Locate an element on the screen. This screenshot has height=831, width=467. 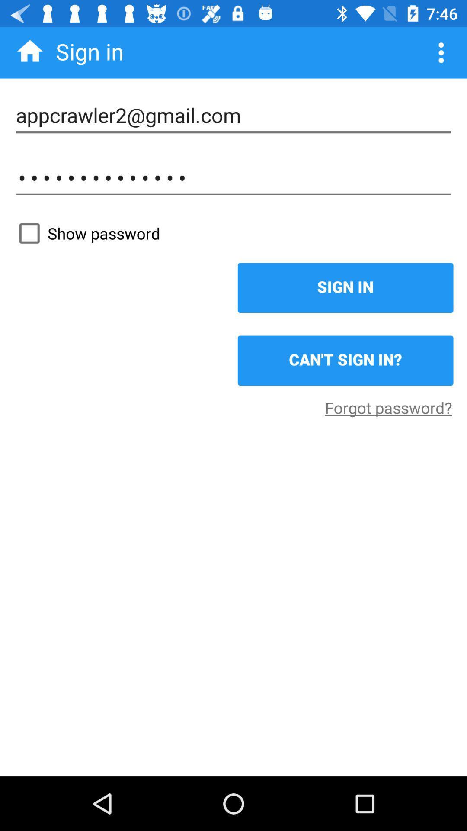
the icon below appcrawler3116 item is located at coordinates (233, 233).